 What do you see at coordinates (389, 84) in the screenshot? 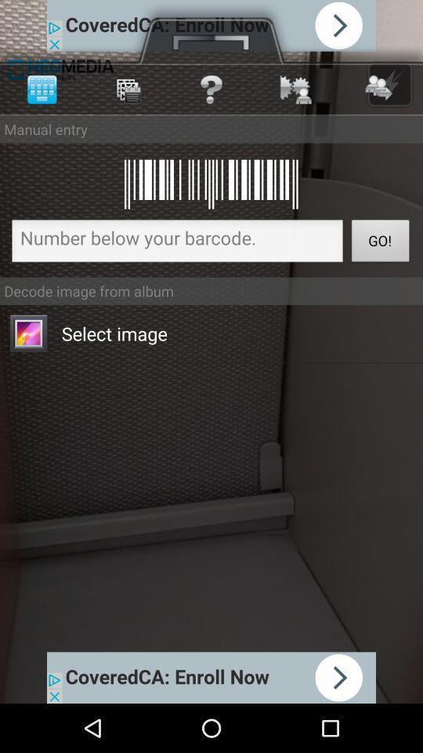
I see `the tab icon on the top right corner of the web page` at bounding box center [389, 84].